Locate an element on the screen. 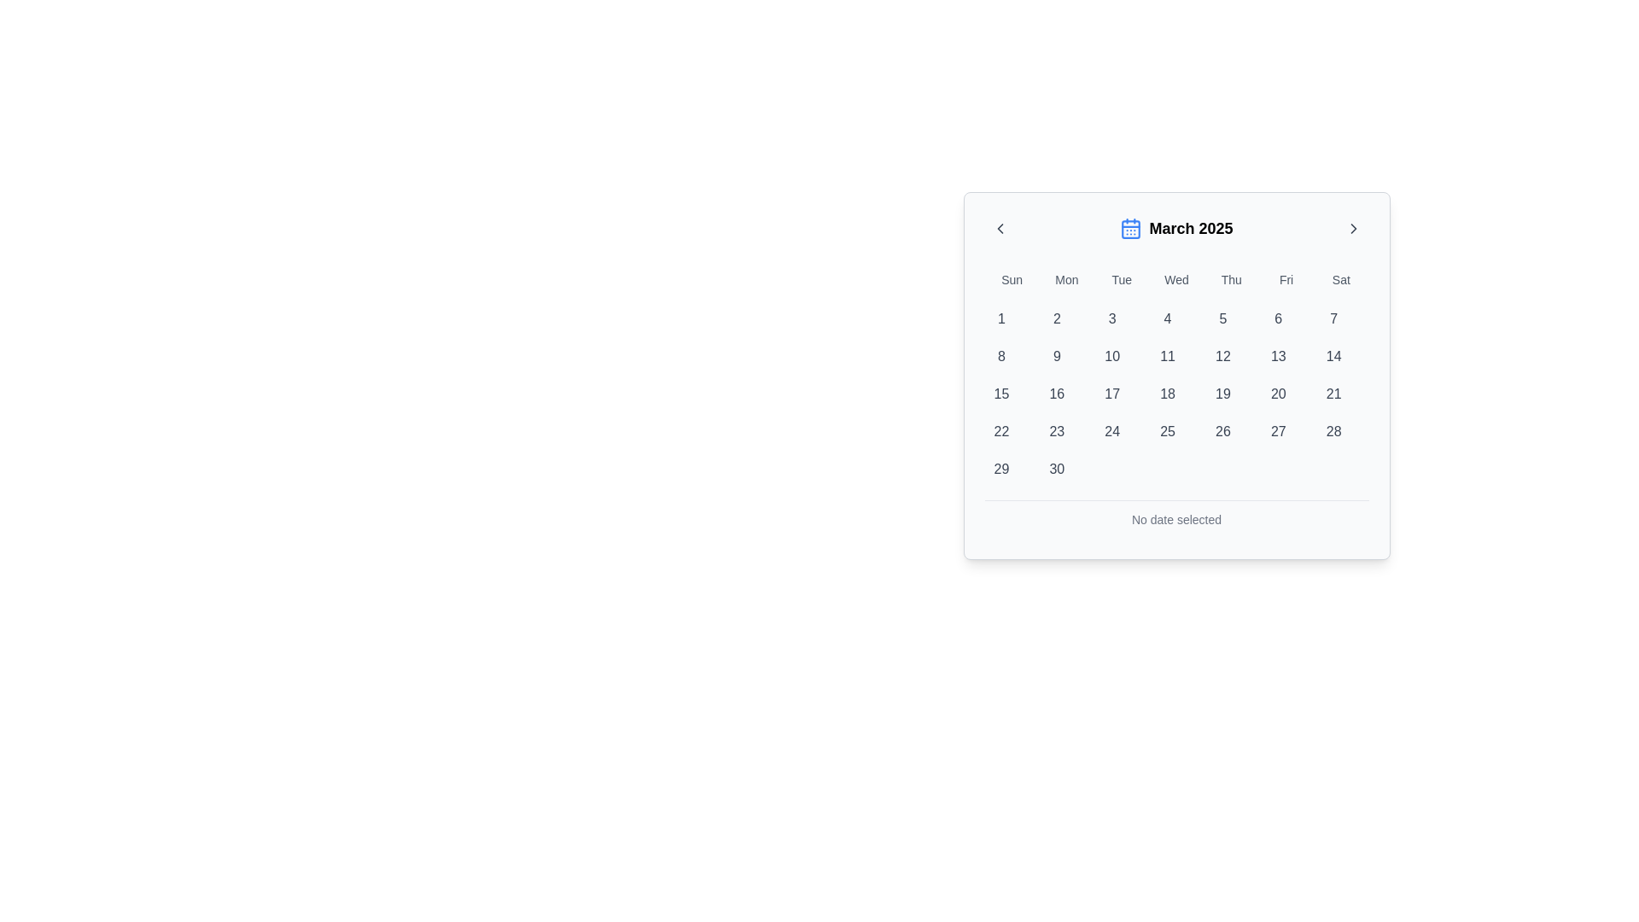 Image resolution: width=1639 pixels, height=922 pixels. the selectable date button for the 7th day of the month in the calendar interface is located at coordinates (1333, 319).